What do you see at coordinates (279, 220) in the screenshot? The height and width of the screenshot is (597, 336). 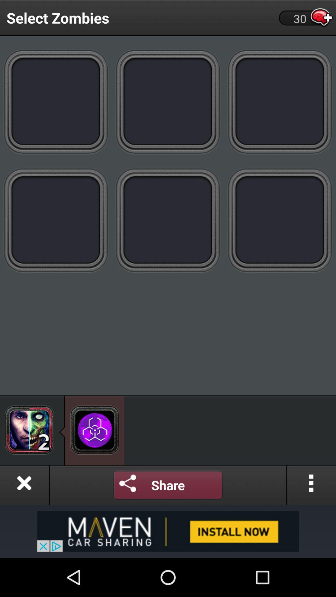 I see `advertisement` at bounding box center [279, 220].